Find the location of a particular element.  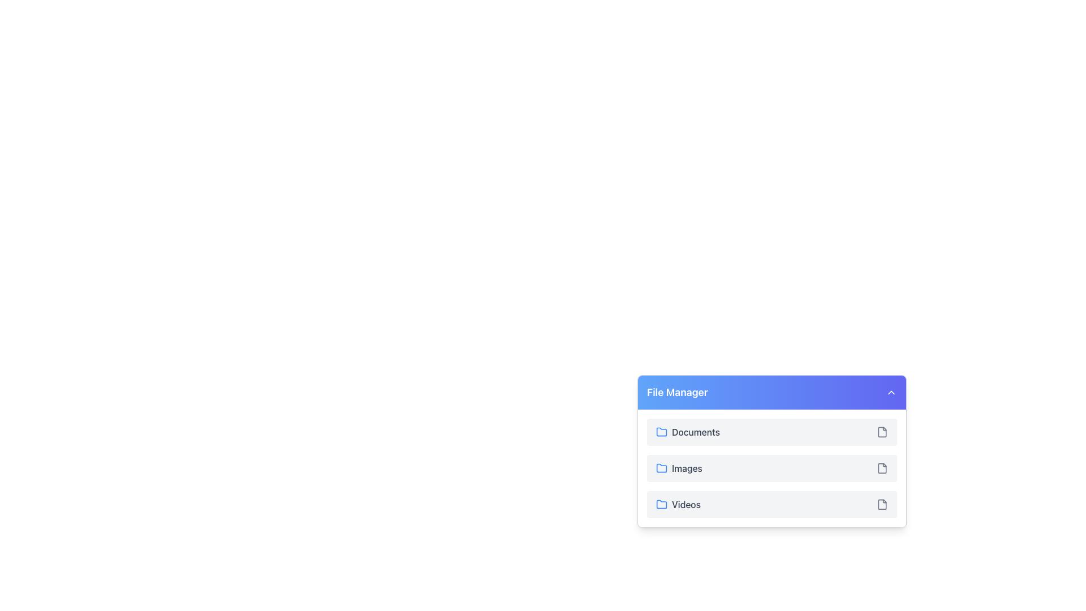

the text label 'Videos' which is associated with a blue folder icon in the File Manager section is located at coordinates (686, 504).